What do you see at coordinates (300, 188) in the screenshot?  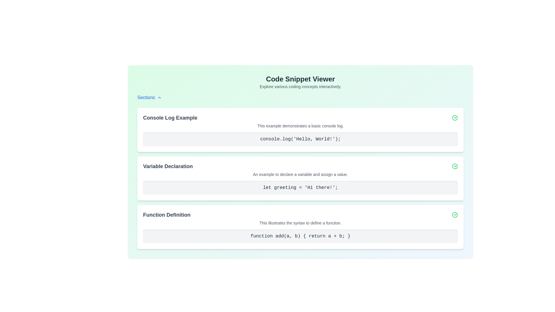 I see `contents of the code snippet displayed in a grey background with rounded corners, containing the text 'let greeting = 'Hi there!';' located under the 'Variable Declaration' section` at bounding box center [300, 188].